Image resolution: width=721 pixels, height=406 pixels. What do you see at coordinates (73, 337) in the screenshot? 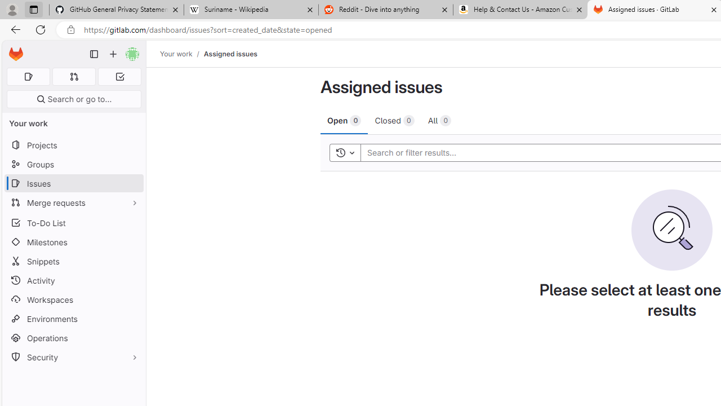
I see `'Operations'` at bounding box center [73, 337].